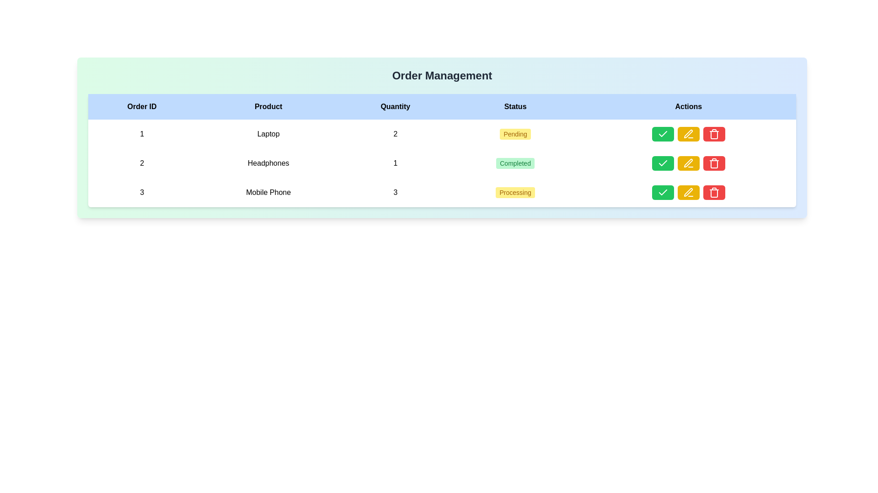 This screenshot has width=878, height=493. Describe the element at coordinates (141, 163) in the screenshot. I see `the non-interactive text label displaying the number '2', which is styled in a bold font and located in the first column of the second row of the grid layout` at that location.